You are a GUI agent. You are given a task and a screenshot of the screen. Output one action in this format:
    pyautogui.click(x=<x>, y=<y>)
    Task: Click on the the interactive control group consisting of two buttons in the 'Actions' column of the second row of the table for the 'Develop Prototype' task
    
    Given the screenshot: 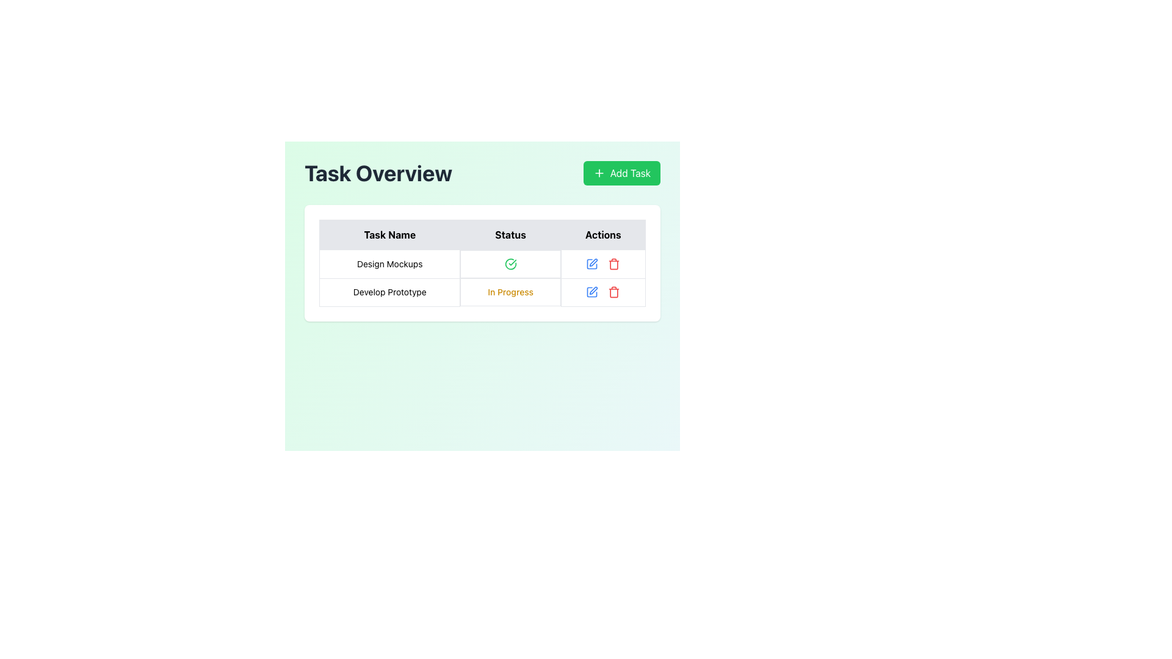 What is the action you would take?
    pyautogui.click(x=603, y=292)
    